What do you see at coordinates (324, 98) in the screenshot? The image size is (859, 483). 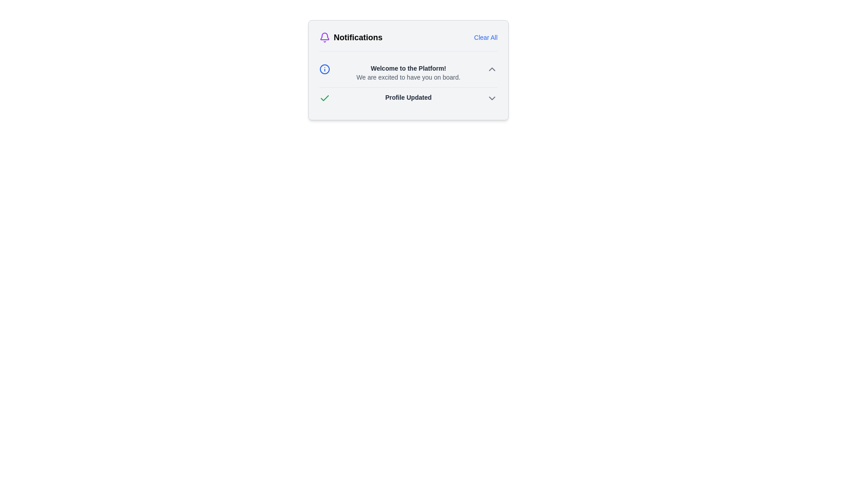 I see `the green check mark icon representing a successful action, located in the second notification preceding the text 'Profile Updated'` at bounding box center [324, 98].